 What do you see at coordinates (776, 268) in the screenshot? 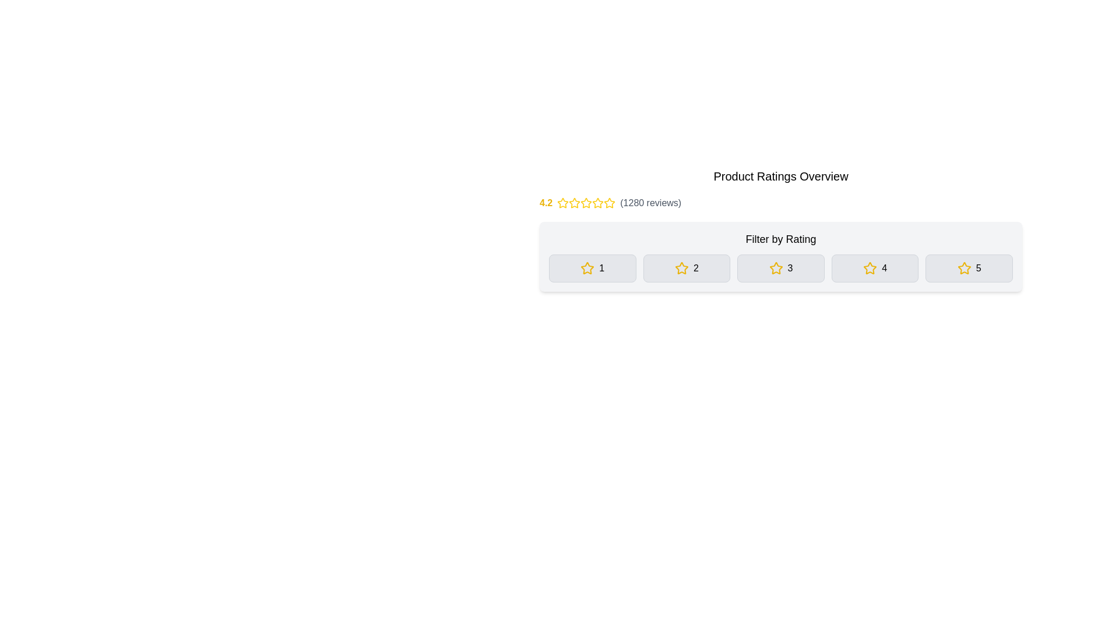
I see `the star icon with a yellow outline and hollow center located in the gray button labeled '3' under 'Filter by Rating'` at bounding box center [776, 268].